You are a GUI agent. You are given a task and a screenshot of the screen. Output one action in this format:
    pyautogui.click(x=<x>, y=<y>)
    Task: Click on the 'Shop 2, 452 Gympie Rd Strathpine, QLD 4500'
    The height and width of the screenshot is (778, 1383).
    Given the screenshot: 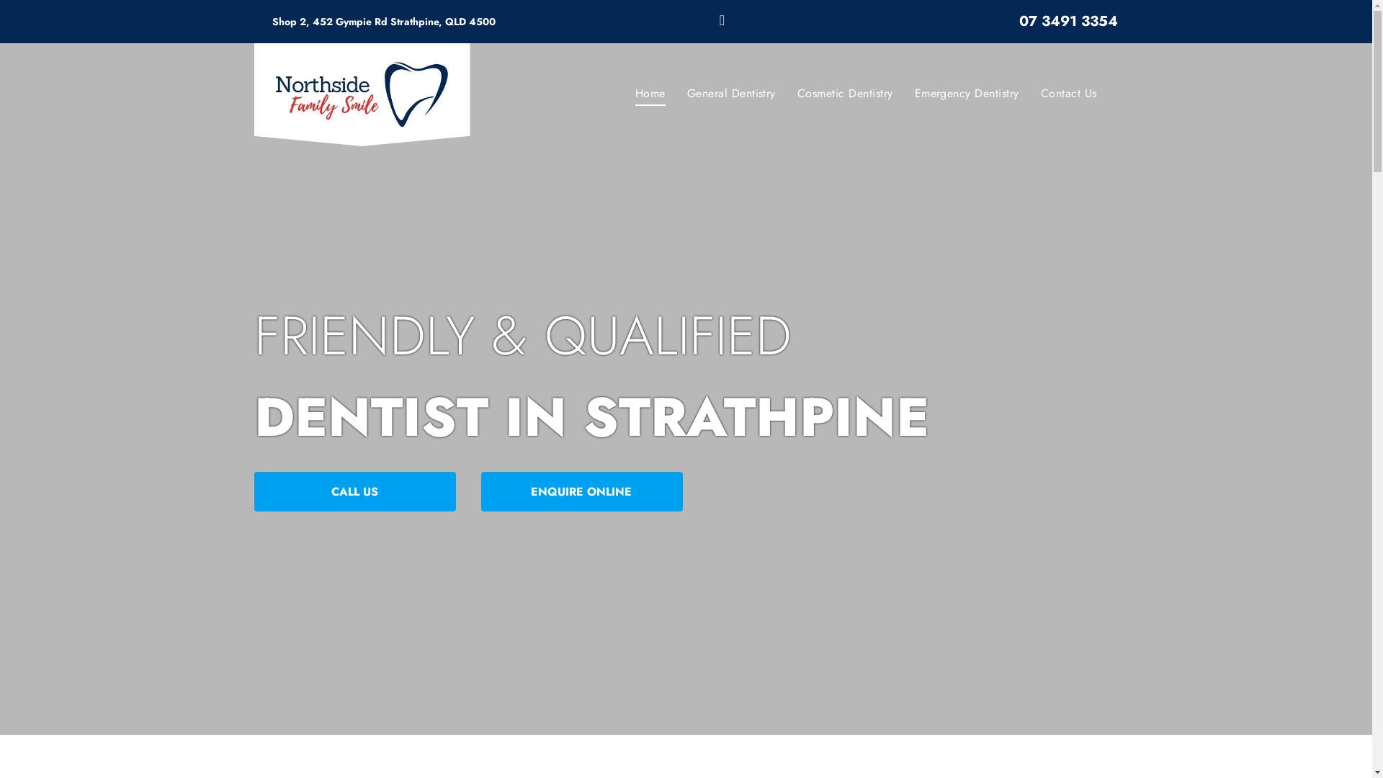 What is the action you would take?
    pyautogui.click(x=383, y=22)
    